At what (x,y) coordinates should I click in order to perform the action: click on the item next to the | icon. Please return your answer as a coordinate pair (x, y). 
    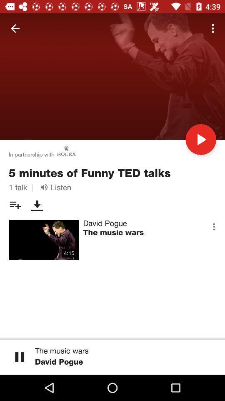
    Looking at the image, I should click on (54, 187).